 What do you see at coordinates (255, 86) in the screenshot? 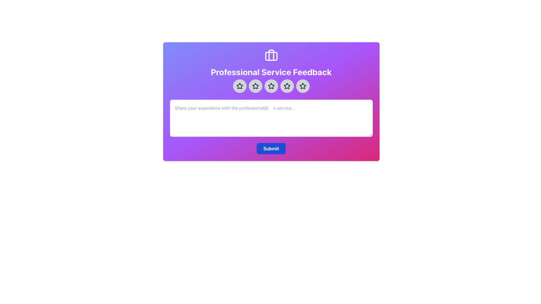
I see `the filled star-shaped icon, which is the second icon from the left in a group of five star icons for rating purposes` at bounding box center [255, 86].